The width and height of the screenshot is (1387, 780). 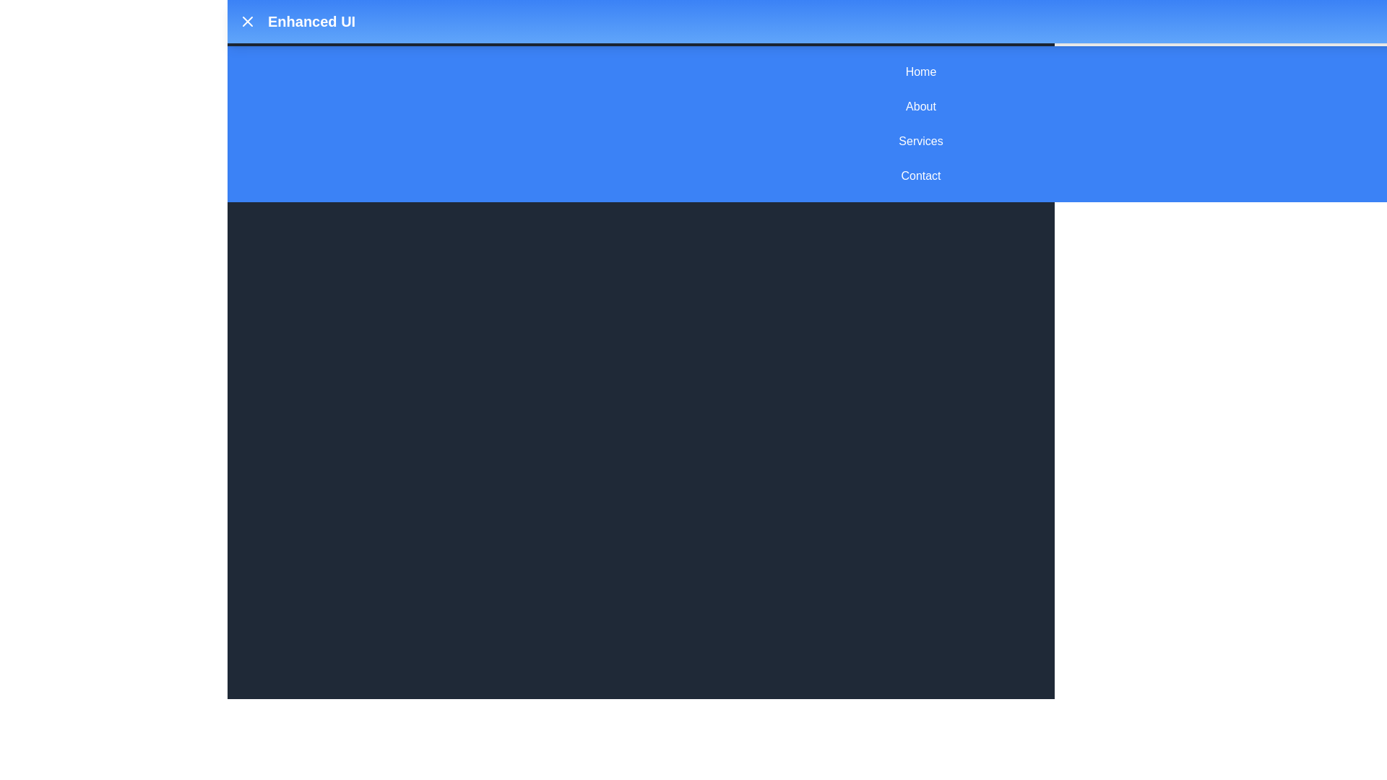 What do you see at coordinates (920, 105) in the screenshot?
I see `the menu item About` at bounding box center [920, 105].